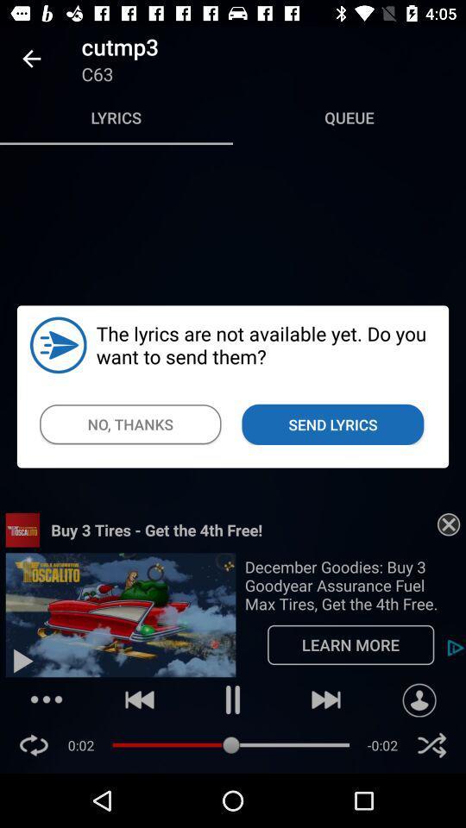 The height and width of the screenshot is (828, 466). I want to click on the profile icon  from the bottom right, so click(419, 699).